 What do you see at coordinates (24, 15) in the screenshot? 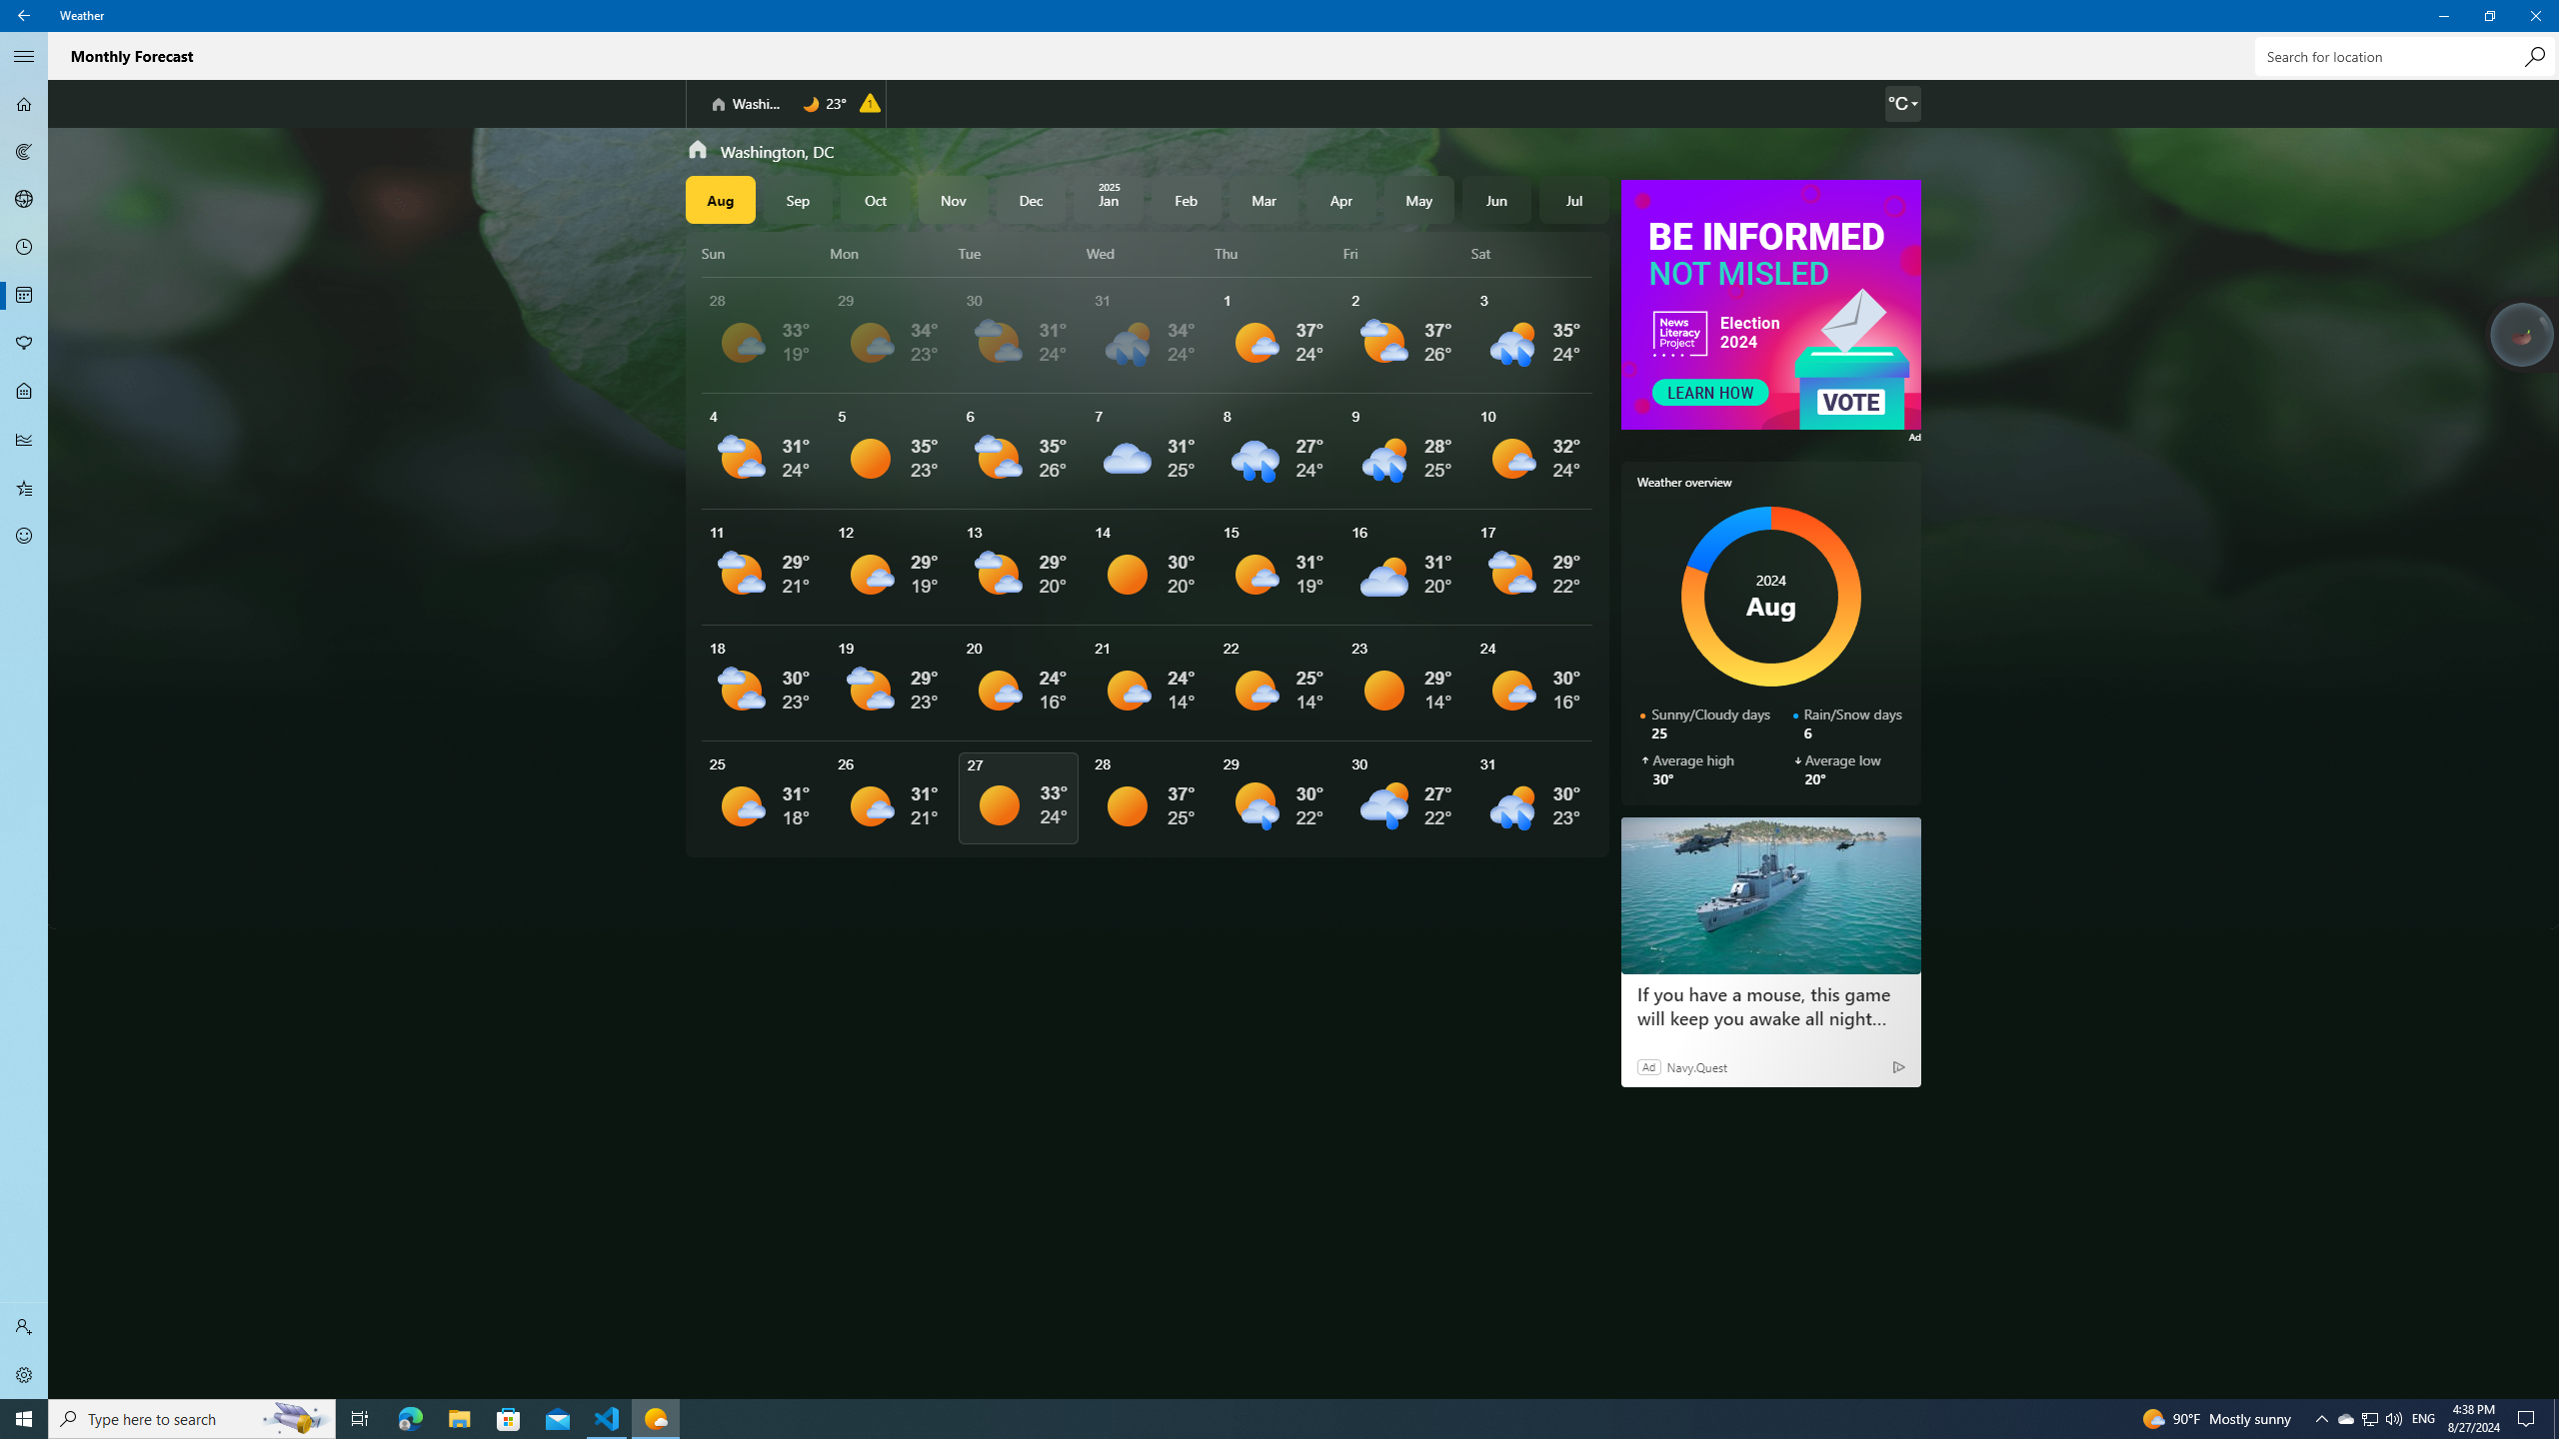
I see `'Back'` at bounding box center [24, 15].